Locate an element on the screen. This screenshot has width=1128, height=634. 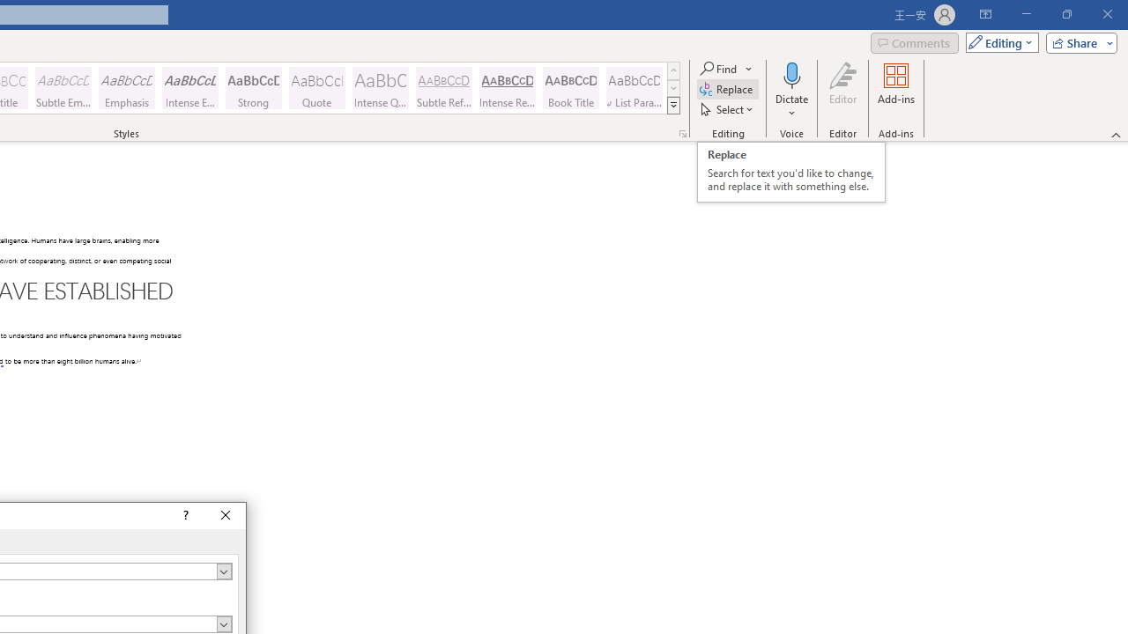
'Intense Emphasis' is located at coordinates (190, 88).